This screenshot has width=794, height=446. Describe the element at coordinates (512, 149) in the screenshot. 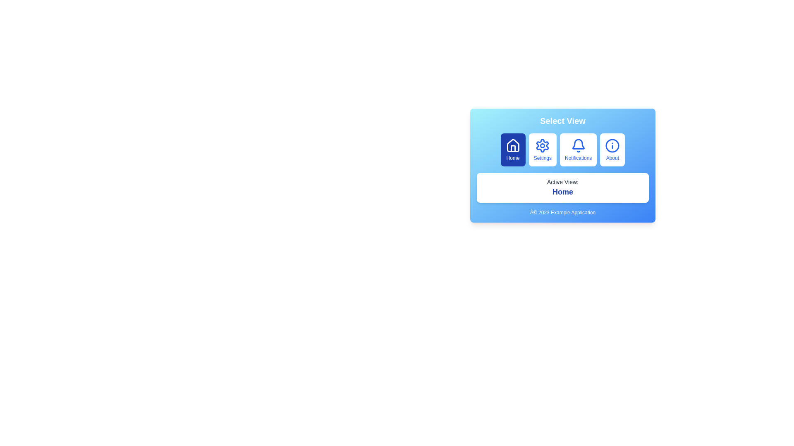

I see `the button labeled 'Home' to observe the hover effect` at that location.